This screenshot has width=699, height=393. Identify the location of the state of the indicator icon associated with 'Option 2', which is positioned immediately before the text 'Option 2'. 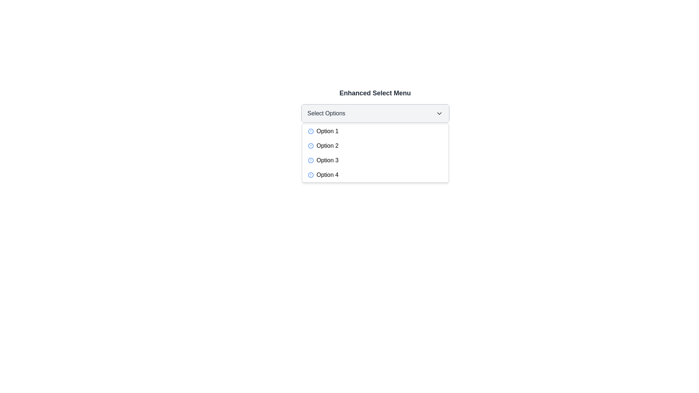
(311, 146).